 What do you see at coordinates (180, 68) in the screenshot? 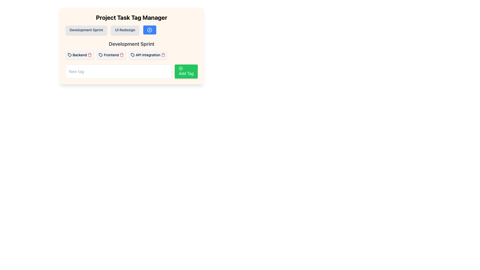
I see `the SVG Circle element that represents the interactive icon for adding tags on the 'Add Tag' button` at bounding box center [180, 68].